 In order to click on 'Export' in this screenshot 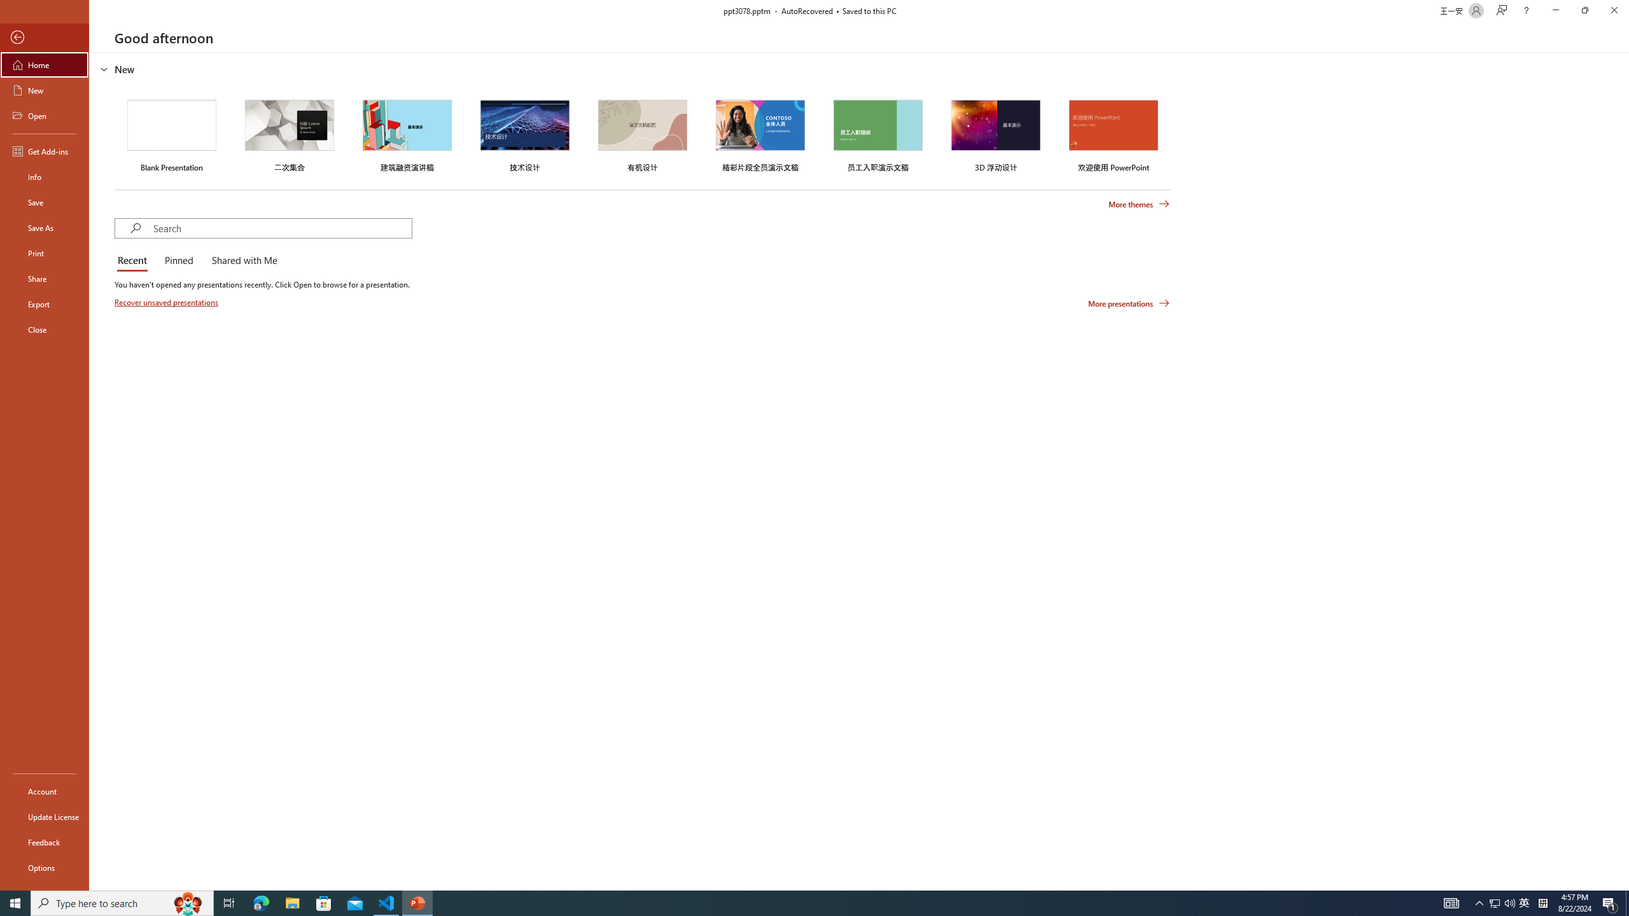, I will do `click(44, 304)`.